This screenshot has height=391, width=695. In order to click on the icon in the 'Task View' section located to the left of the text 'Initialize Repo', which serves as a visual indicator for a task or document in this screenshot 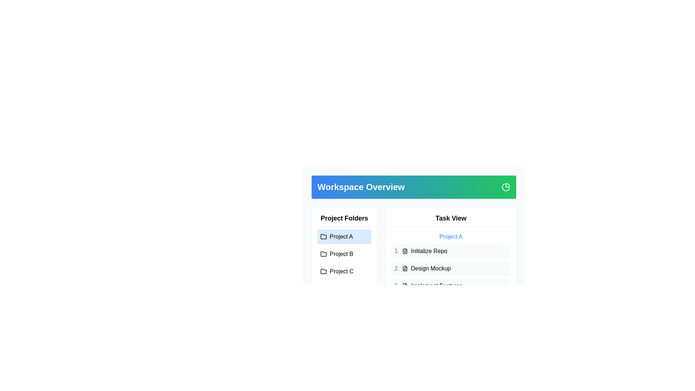, I will do `click(405, 251)`.